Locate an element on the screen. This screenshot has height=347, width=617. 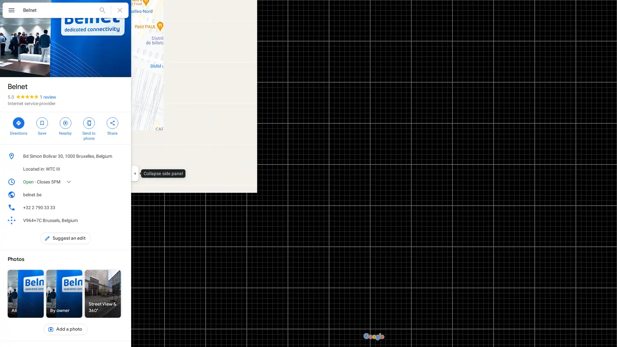
Directions to Belnet is located at coordinates (18, 125).